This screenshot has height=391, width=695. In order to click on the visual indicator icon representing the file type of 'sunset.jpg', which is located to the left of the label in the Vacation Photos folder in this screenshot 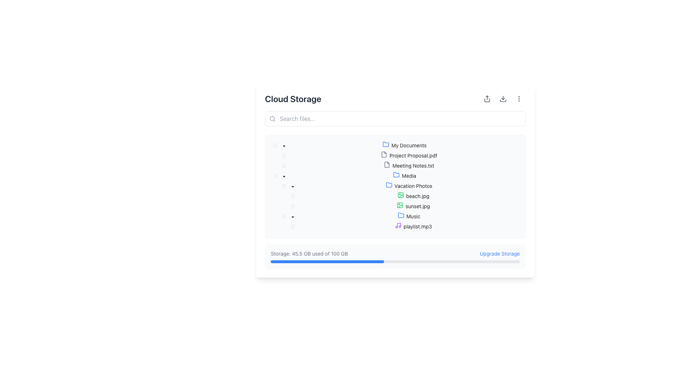, I will do `click(401, 206)`.